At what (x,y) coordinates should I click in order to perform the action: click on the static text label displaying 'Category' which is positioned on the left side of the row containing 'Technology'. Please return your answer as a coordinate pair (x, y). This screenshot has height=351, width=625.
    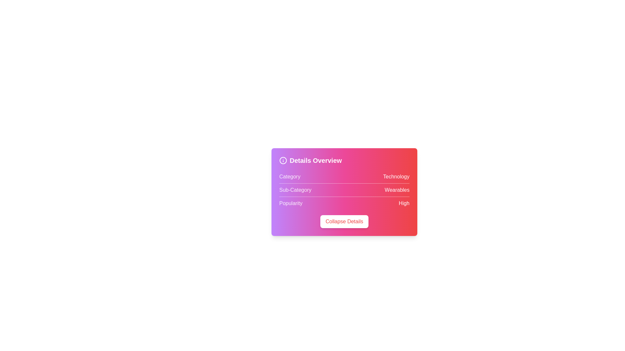
    Looking at the image, I should click on (289, 176).